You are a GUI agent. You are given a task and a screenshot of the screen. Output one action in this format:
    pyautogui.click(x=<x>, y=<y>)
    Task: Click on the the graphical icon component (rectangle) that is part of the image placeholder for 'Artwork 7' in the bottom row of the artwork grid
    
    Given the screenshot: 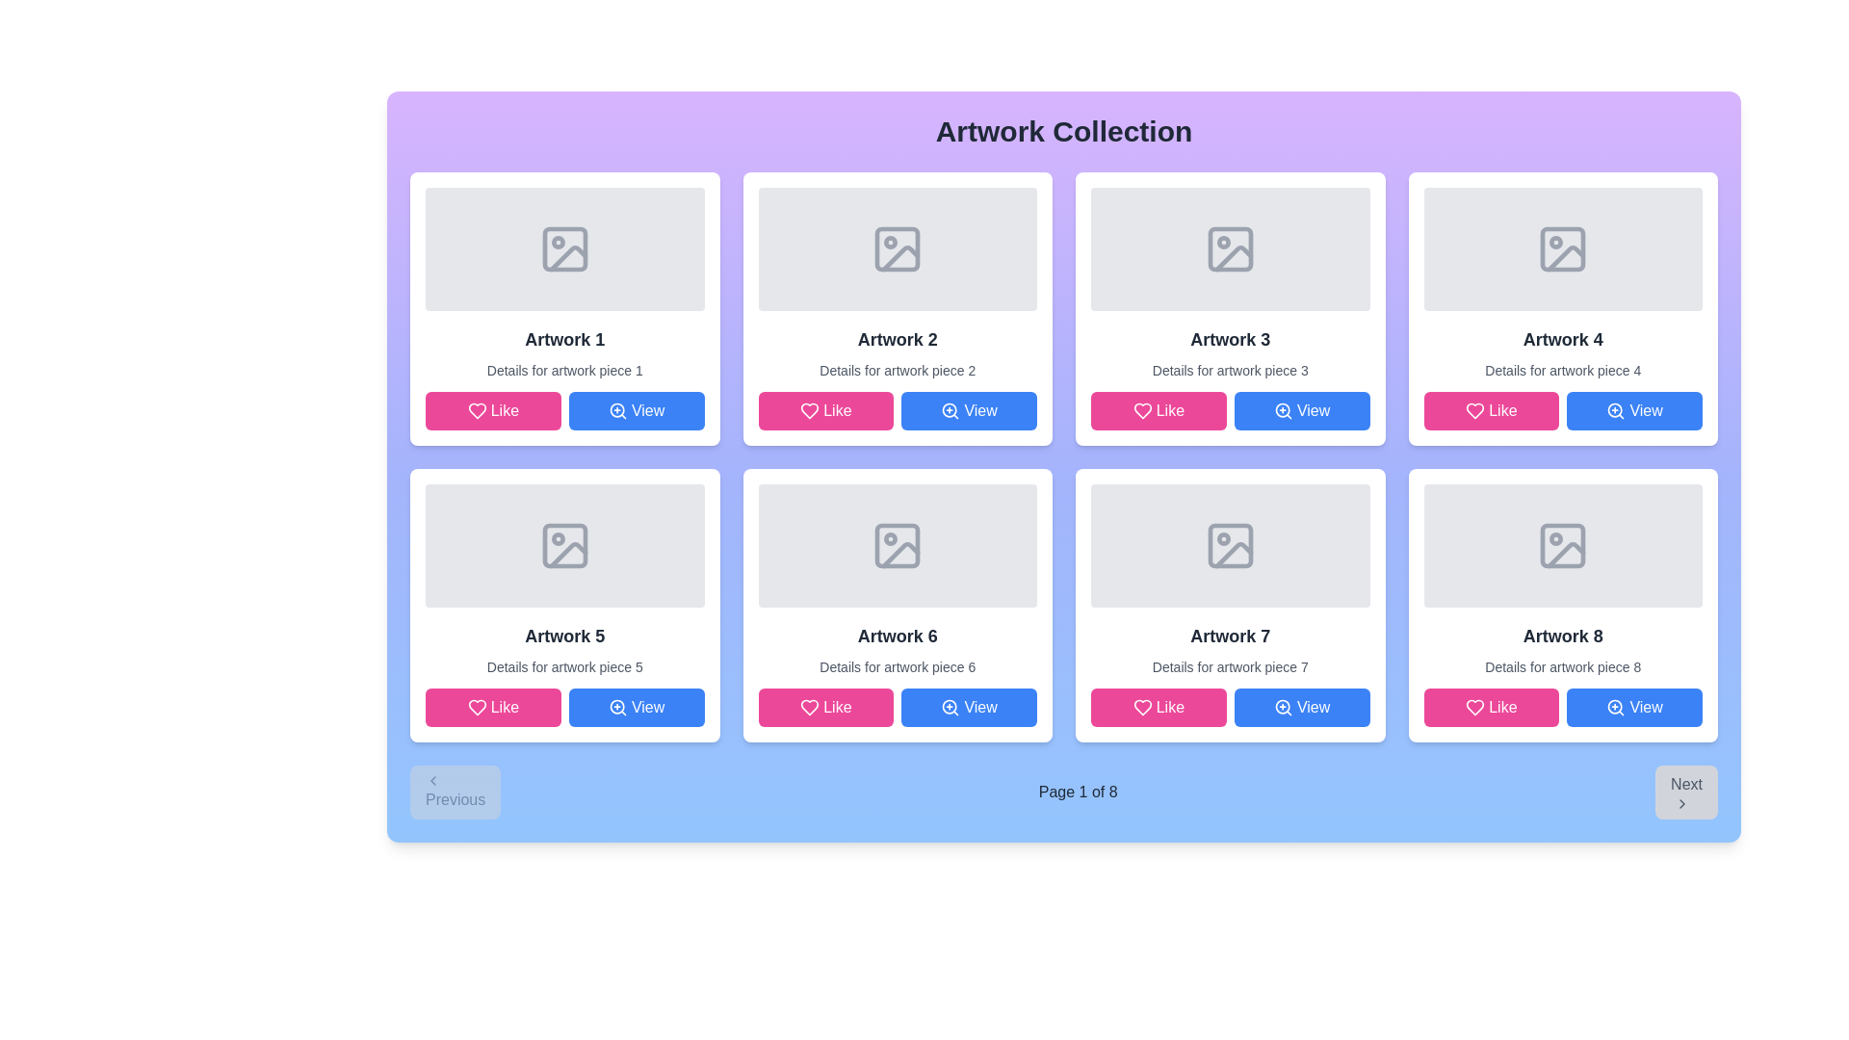 What is the action you would take?
    pyautogui.click(x=1229, y=546)
    